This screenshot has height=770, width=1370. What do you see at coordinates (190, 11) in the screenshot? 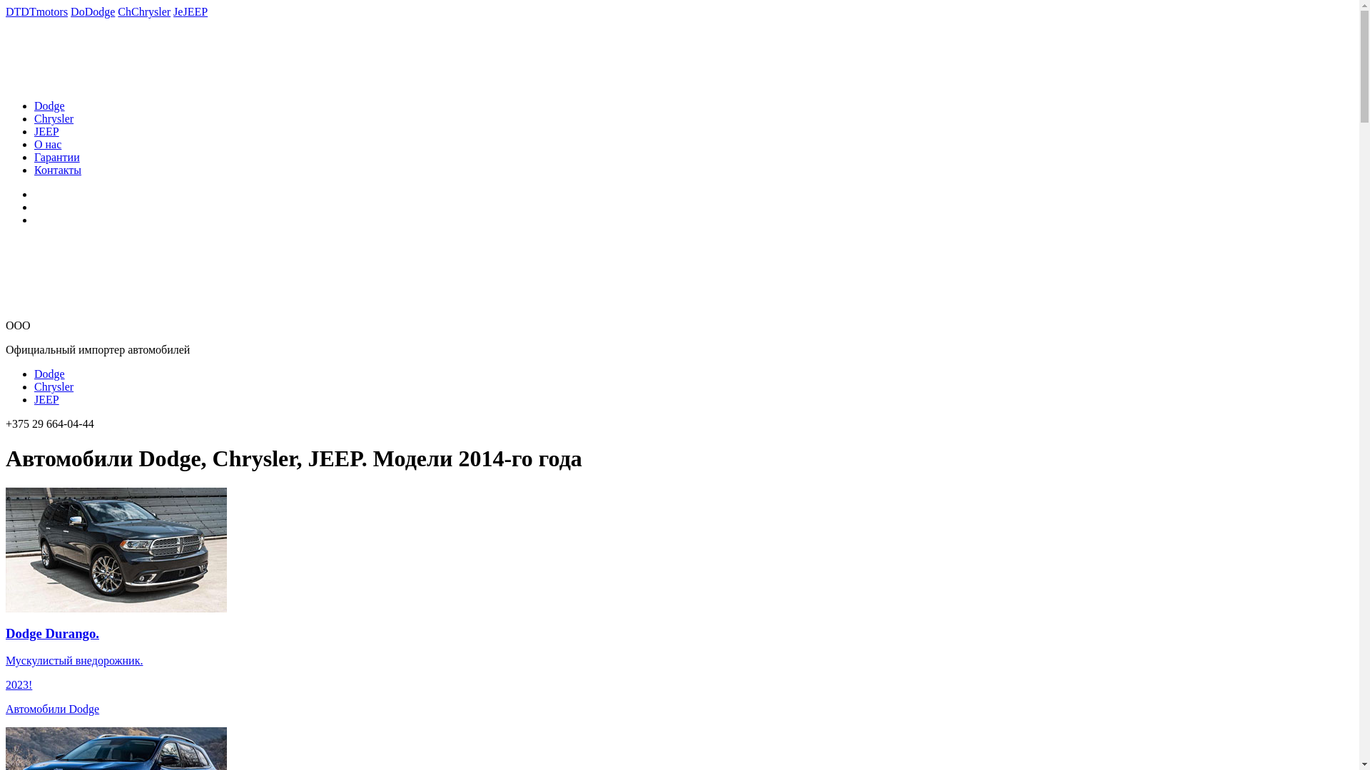
I see `'JeJEEP'` at bounding box center [190, 11].